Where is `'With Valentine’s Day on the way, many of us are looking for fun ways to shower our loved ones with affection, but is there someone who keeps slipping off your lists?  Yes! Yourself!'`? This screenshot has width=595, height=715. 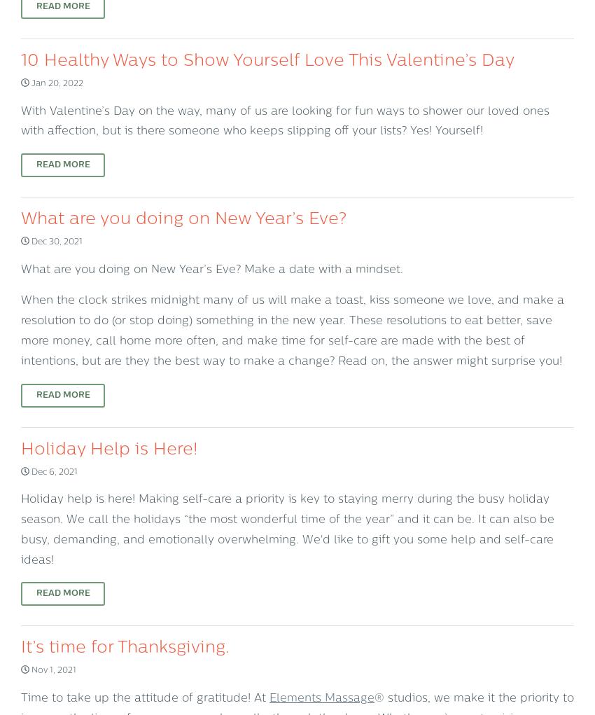 'With Valentine’s Day on the way, many of us are looking for fun ways to shower our loved ones with affection, but is there someone who keeps slipping off your lists?  Yes! Yourself!' is located at coordinates (285, 120).